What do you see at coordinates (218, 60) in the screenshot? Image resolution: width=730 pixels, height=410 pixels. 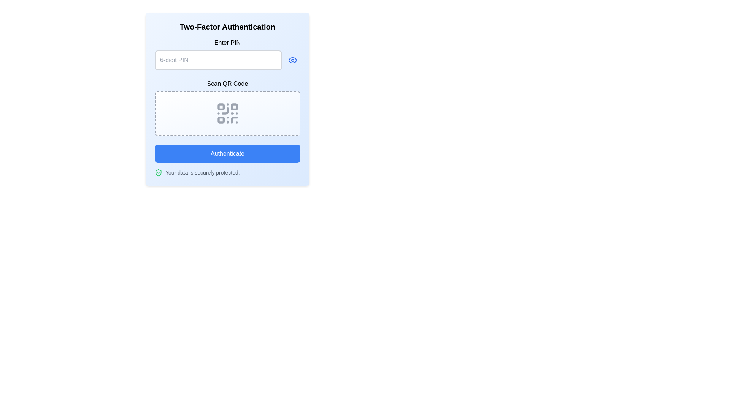 I see `the text input for entering the 6-digit PIN, which is styled with a rounded border and light gray background, located under the 'Enter PIN' label by tabbing to it` at bounding box center [218, 60].